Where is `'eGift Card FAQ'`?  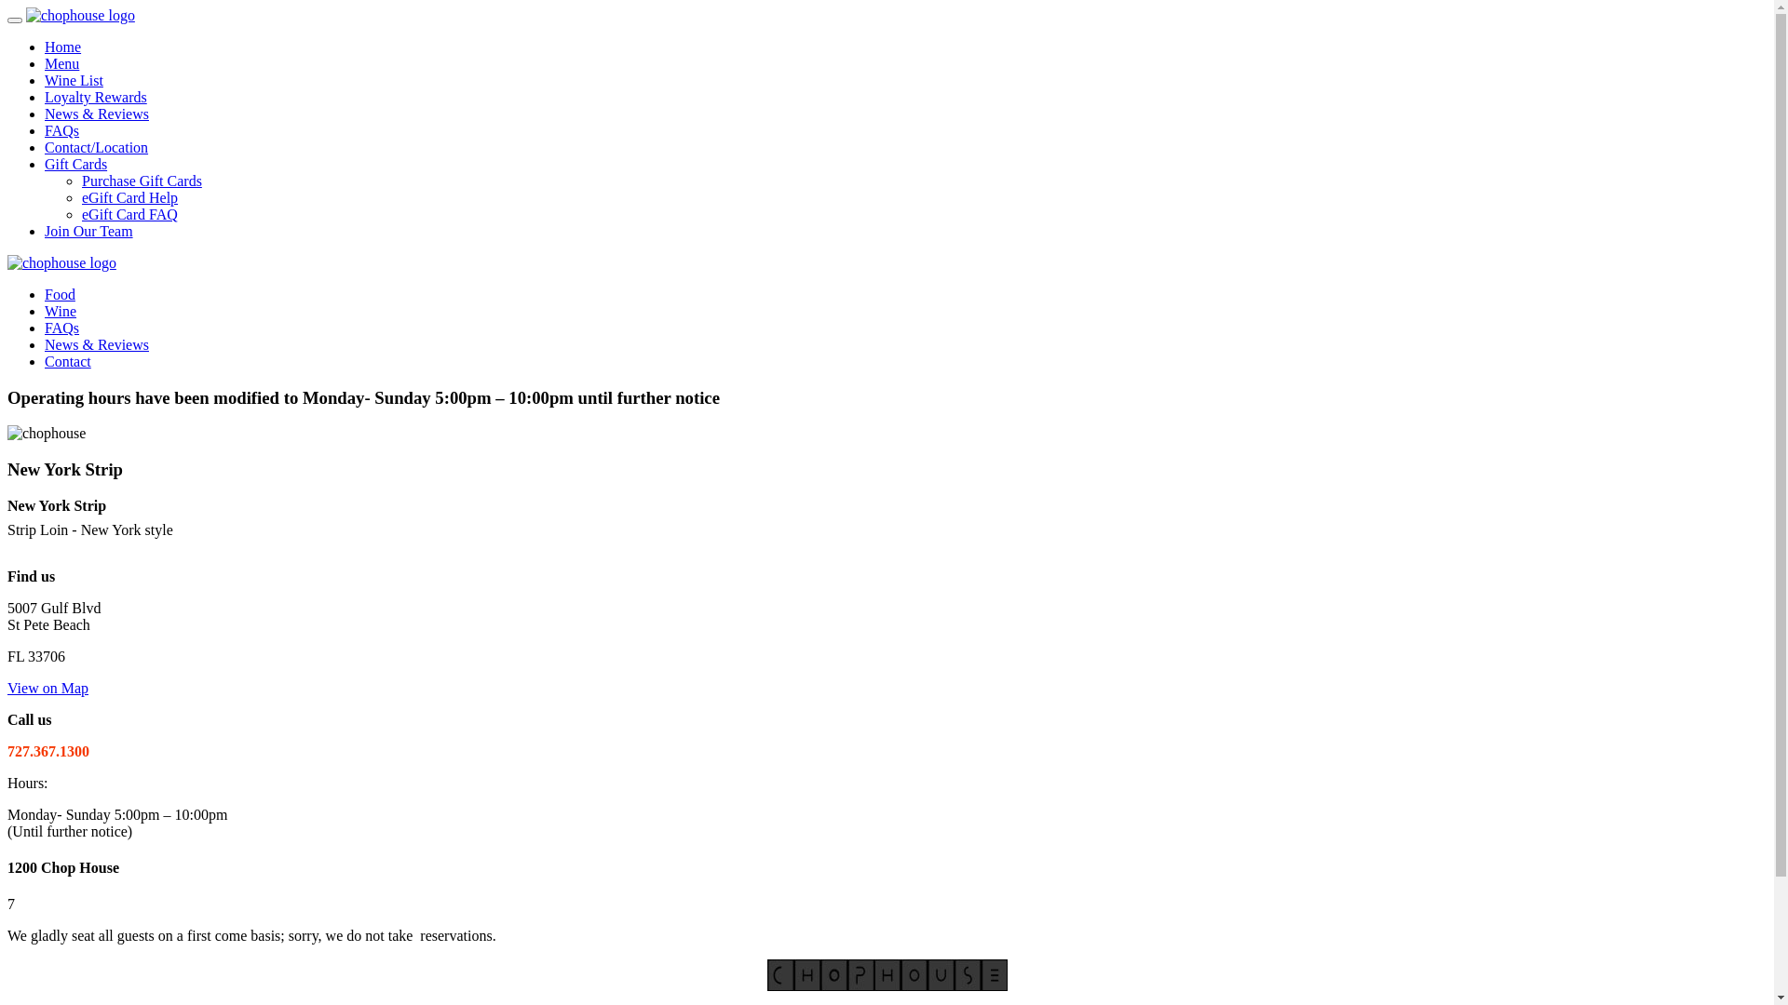 'eGift Card FAQ' is located at coordinates (129, 213).